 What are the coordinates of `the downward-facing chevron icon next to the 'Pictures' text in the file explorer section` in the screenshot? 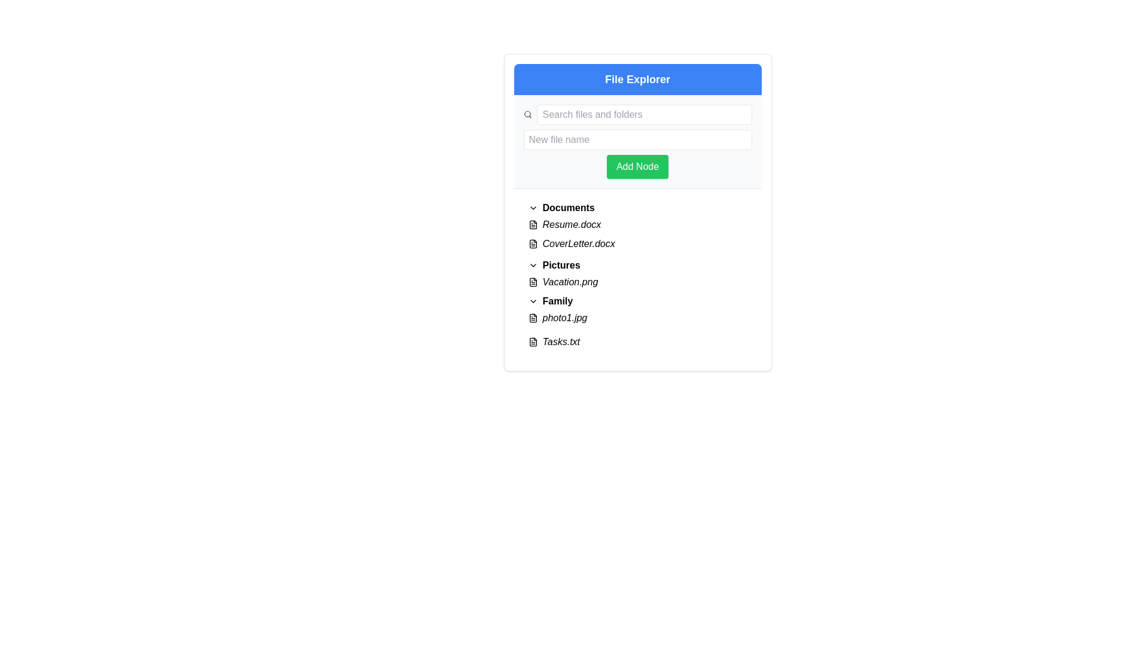 It's located at (532, 264).